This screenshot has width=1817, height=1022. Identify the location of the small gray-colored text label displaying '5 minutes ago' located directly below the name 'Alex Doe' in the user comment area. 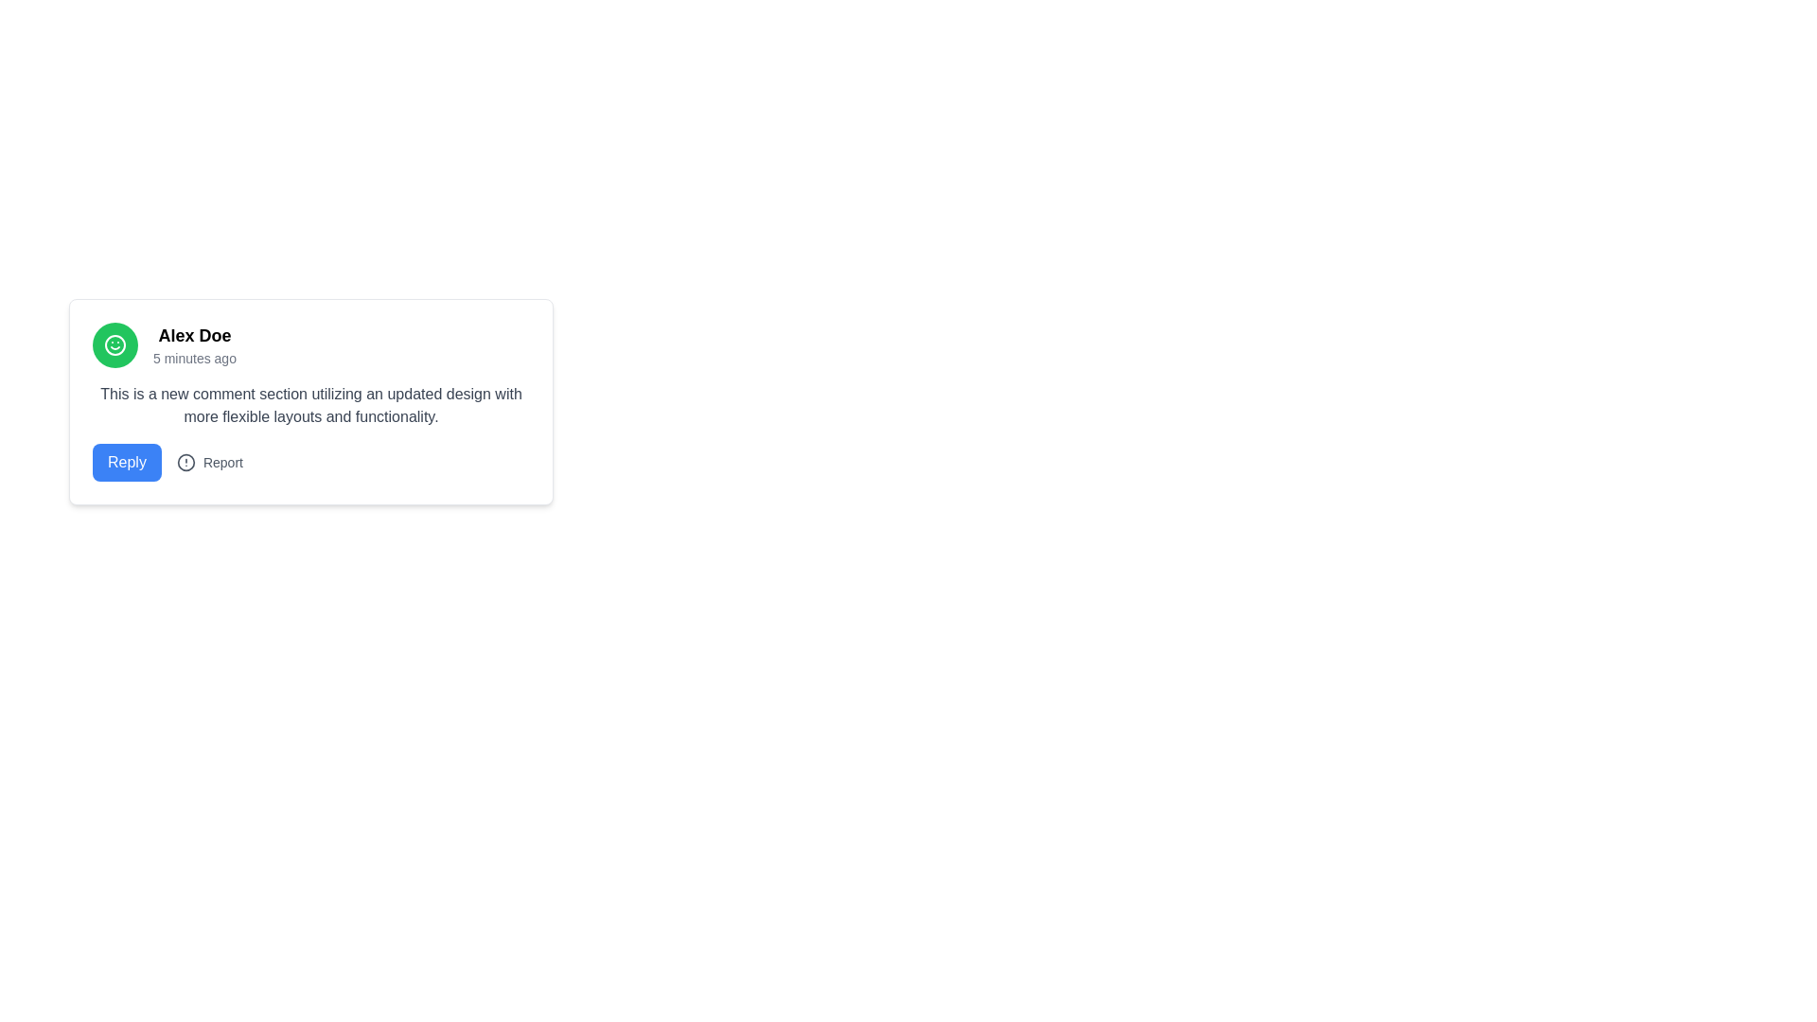
(195, 358).